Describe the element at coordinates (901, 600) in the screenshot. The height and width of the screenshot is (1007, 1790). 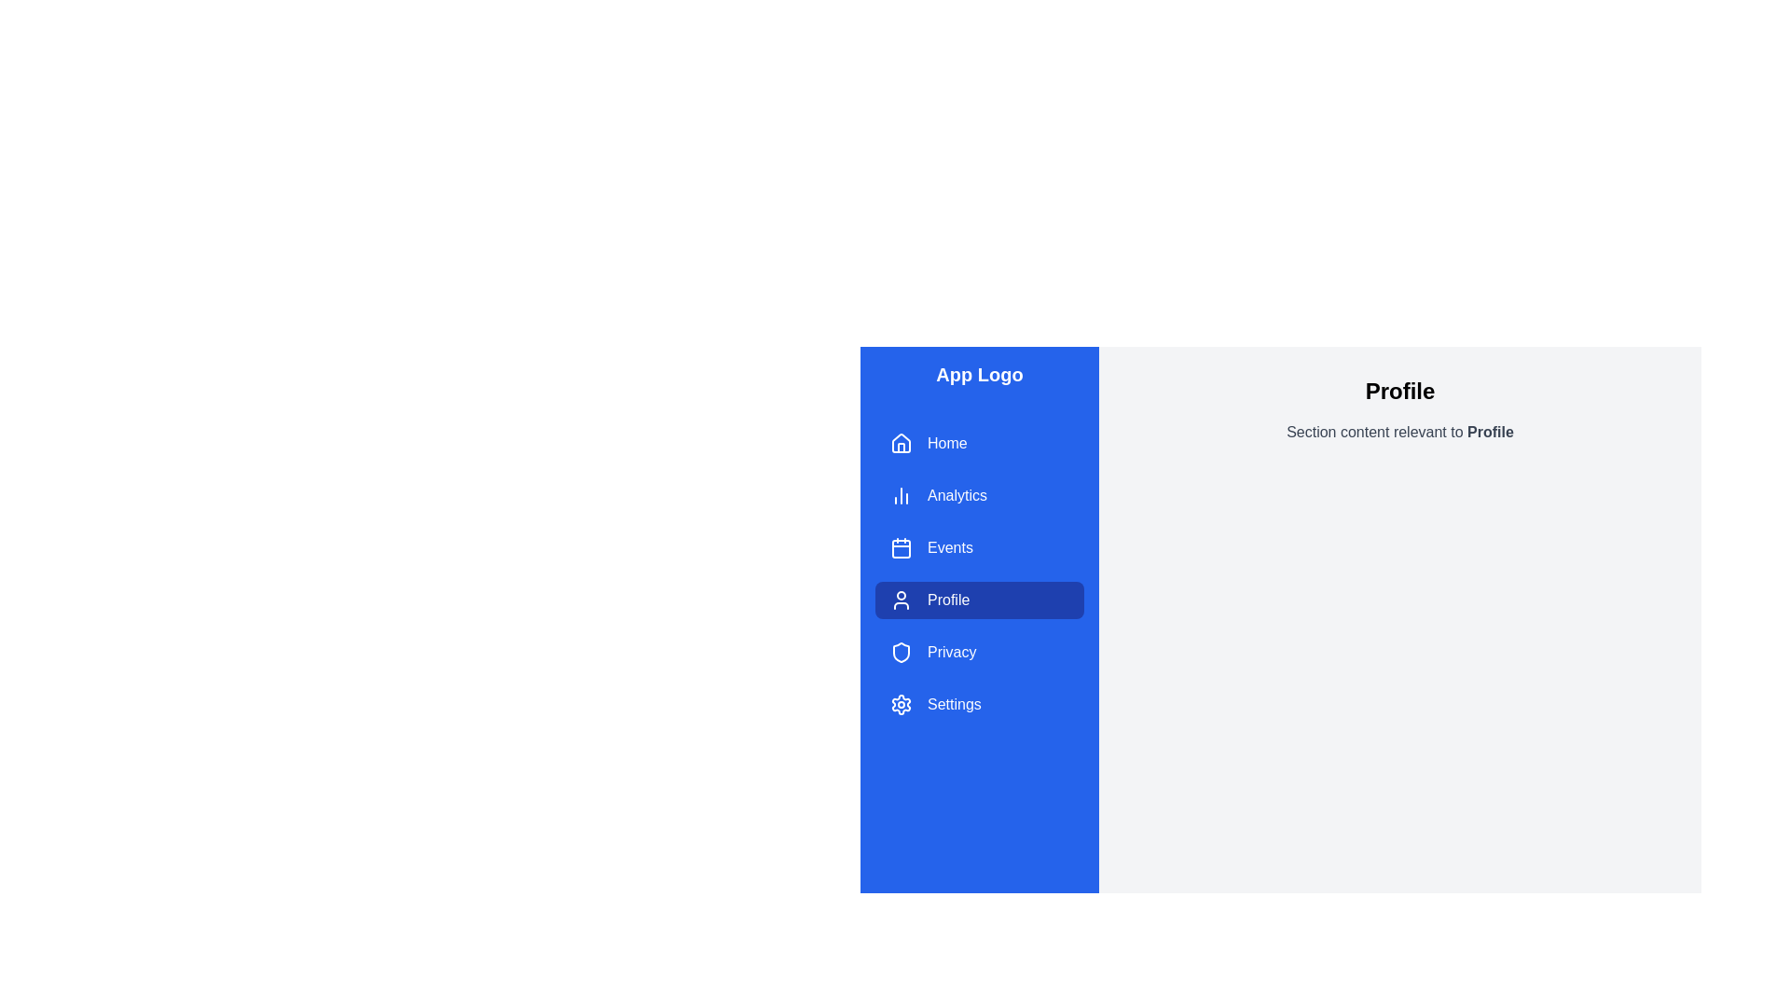
I see `the profile menu icon located in the left-side menu, fourth item labeled 'Profile'` at that location.